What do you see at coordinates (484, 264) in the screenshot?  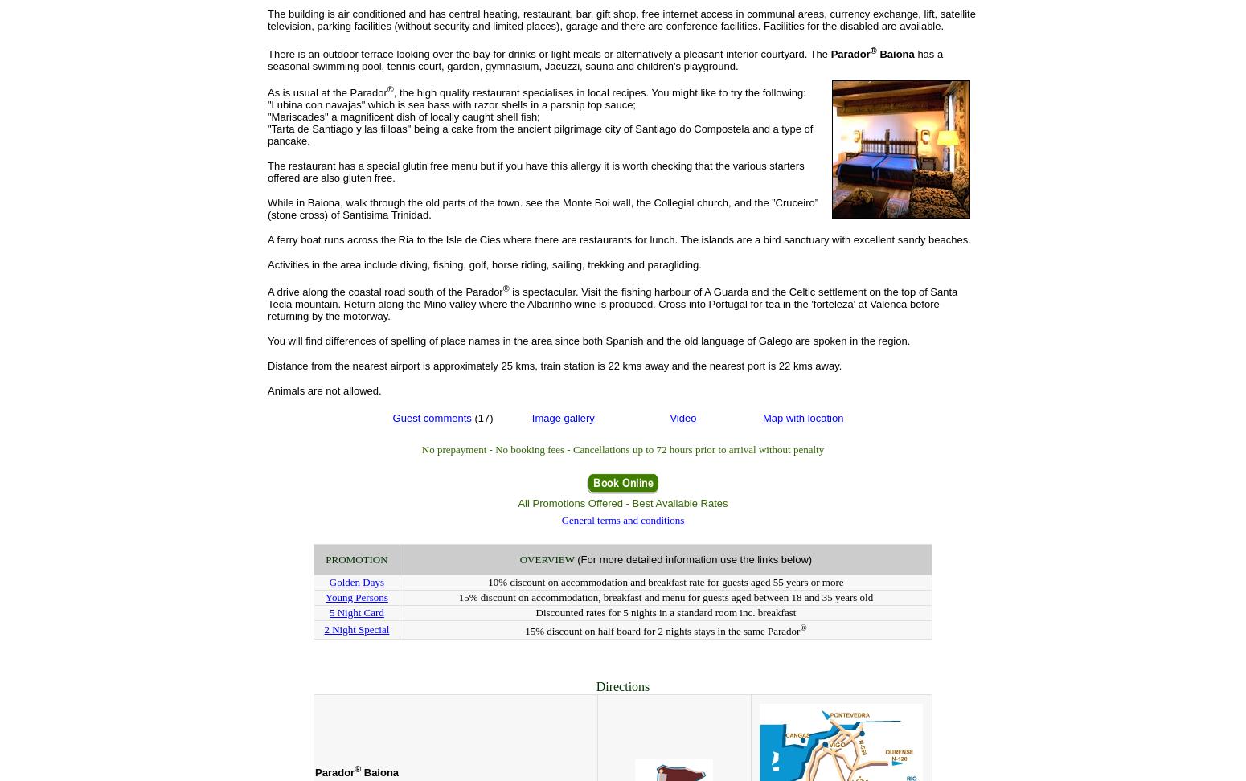 I see `'Activities in the area include diving, fishing, golf, horse riding,
sailing, trekking and paragliding.'` at bounding box center [484, 264].